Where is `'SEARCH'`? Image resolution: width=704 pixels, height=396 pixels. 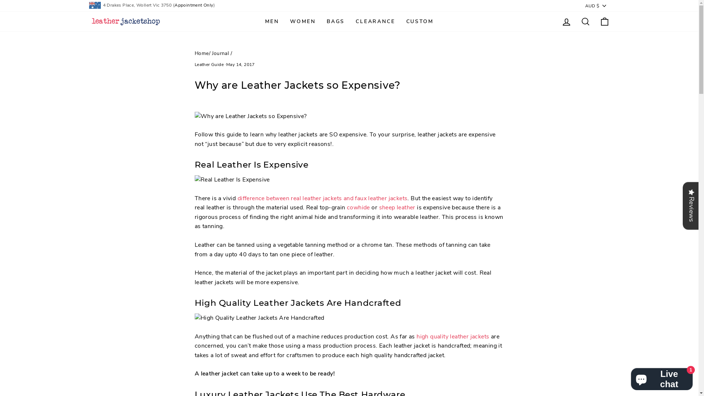 'SEARCH' is located at coordinates (585, 21).